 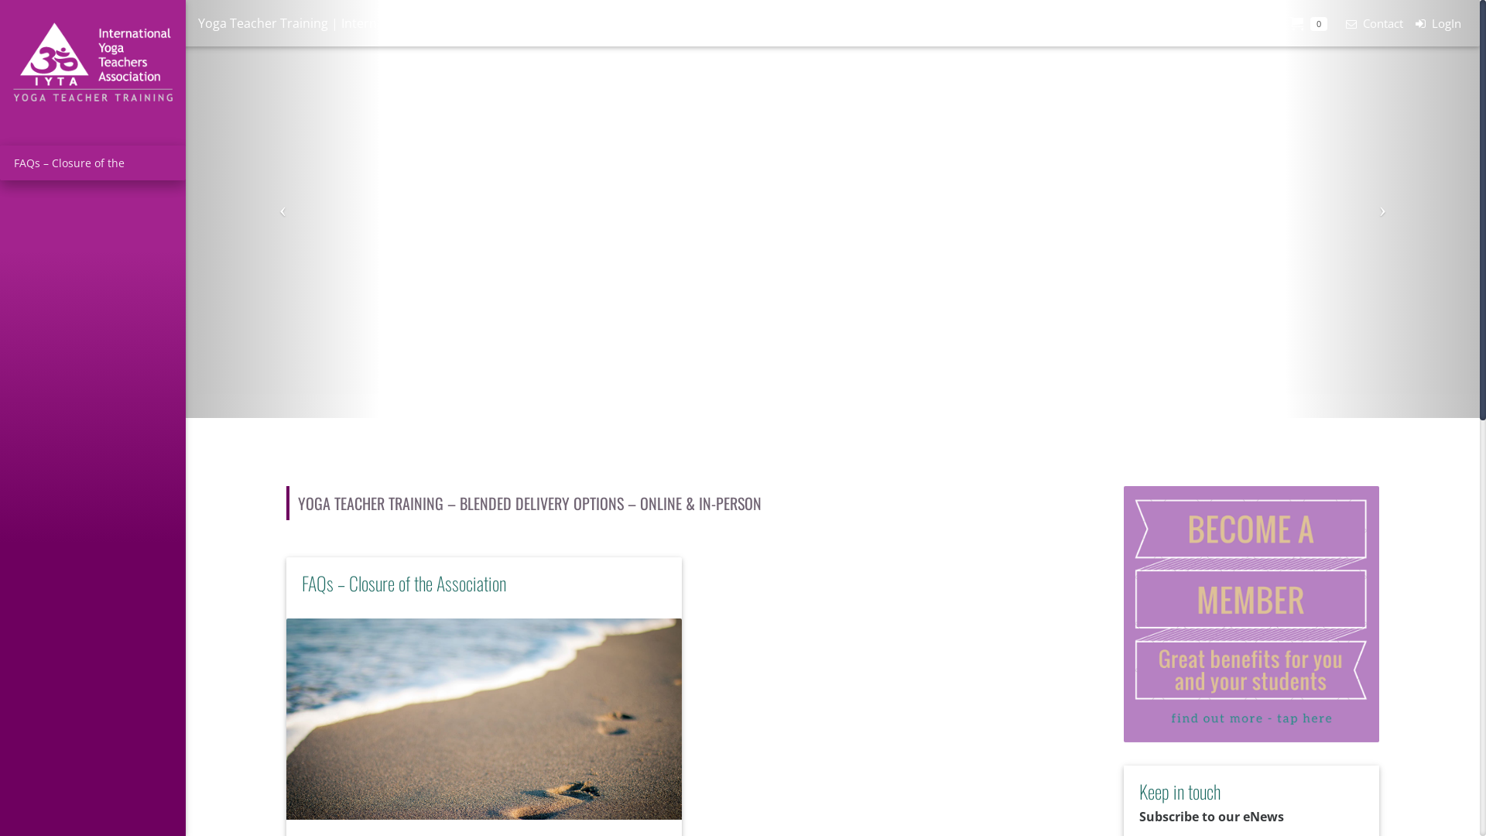 I want to click on 'Previous', so click(x=282, y=209).